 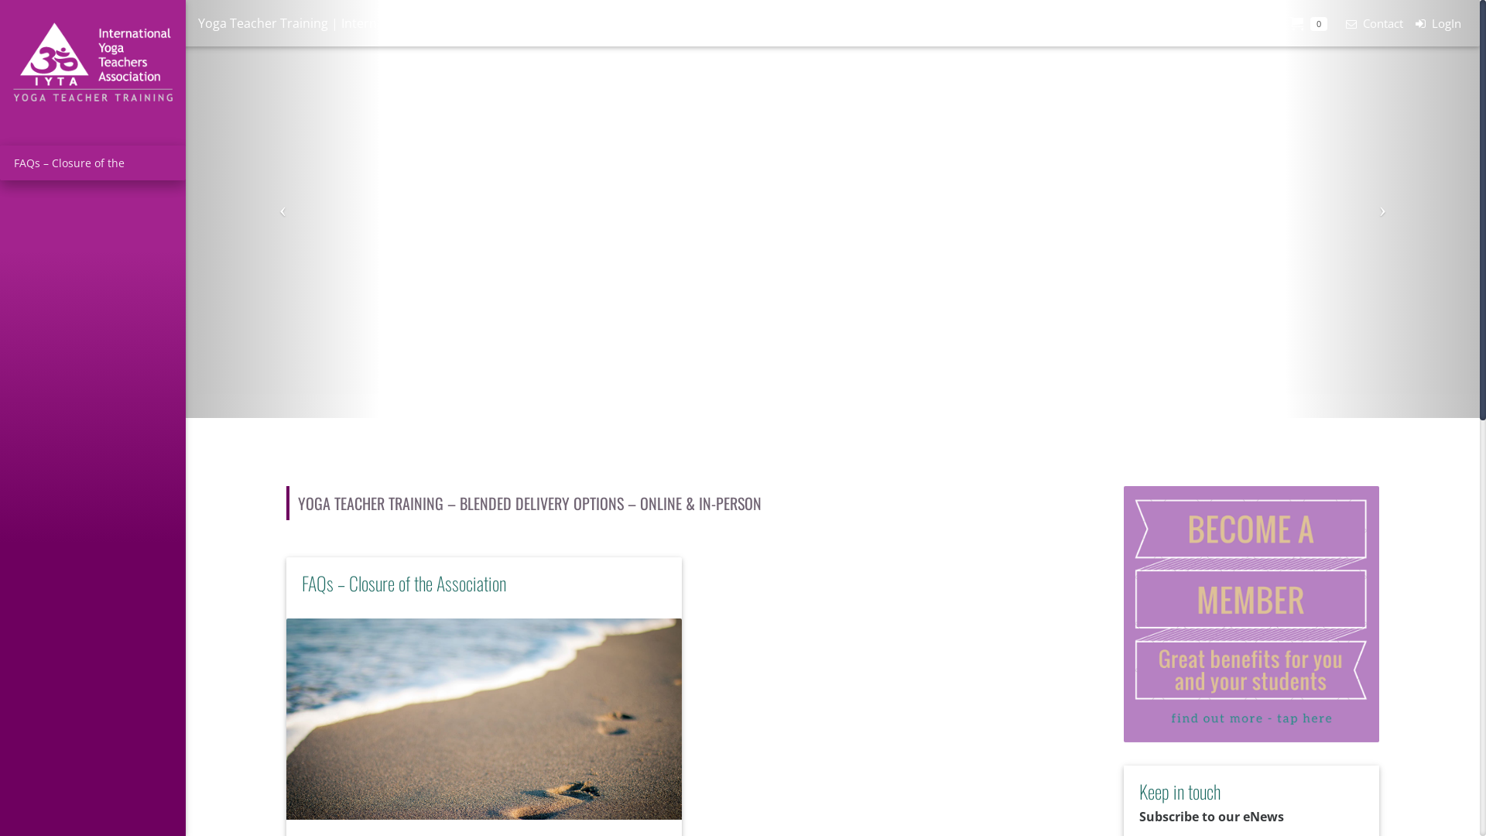 I want to click on 'Previous', so click(x=282, y=209).